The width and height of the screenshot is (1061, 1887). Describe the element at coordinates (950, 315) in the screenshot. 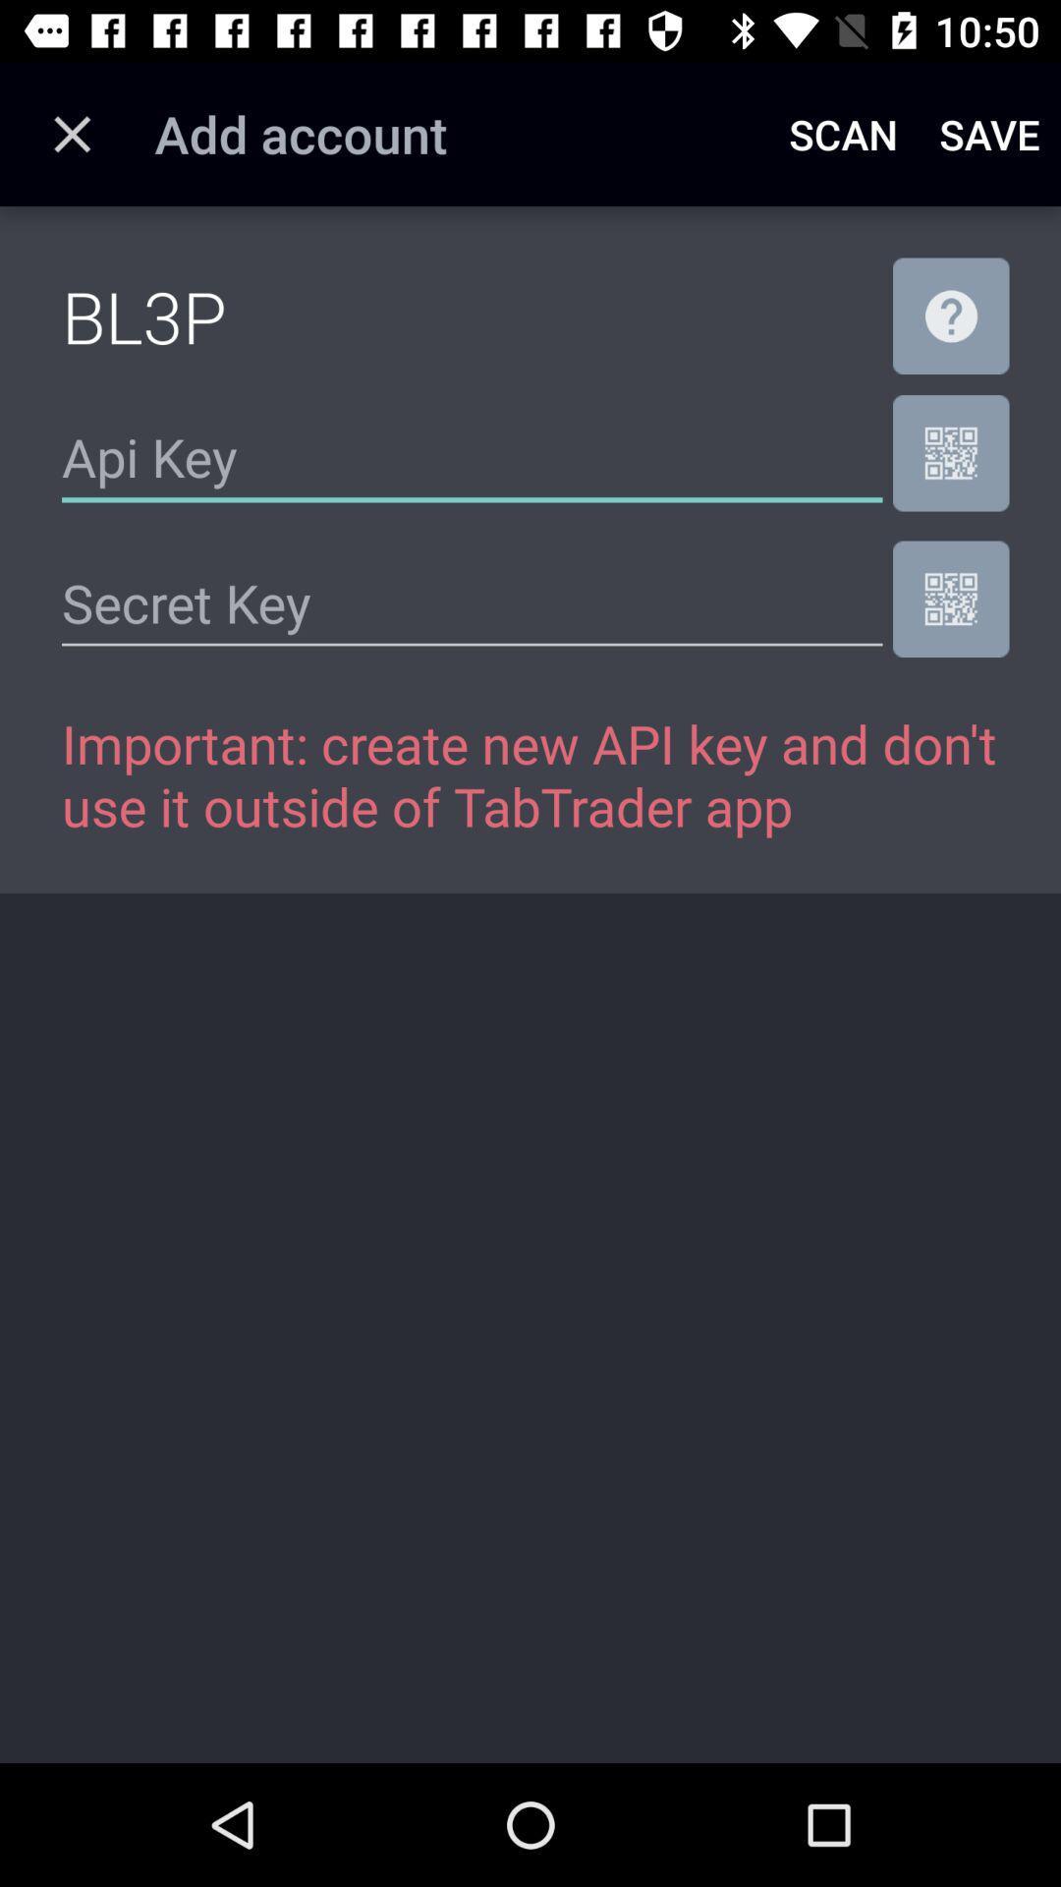

I see `the help icon` at that location.